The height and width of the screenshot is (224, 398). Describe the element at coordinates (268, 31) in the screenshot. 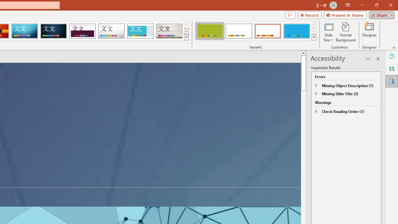

I see `'Basis Variant 3'` at that location.